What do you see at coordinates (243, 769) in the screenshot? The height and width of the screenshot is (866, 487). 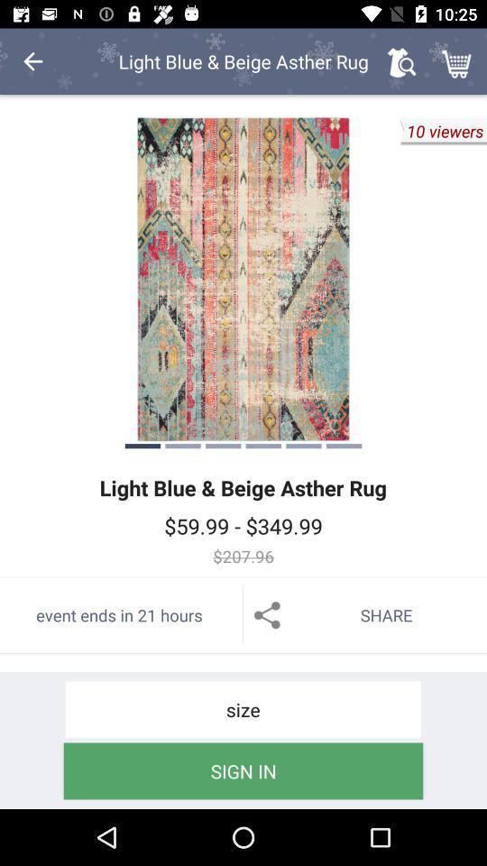 I see `sign in item` at bounding box center [243, 769].